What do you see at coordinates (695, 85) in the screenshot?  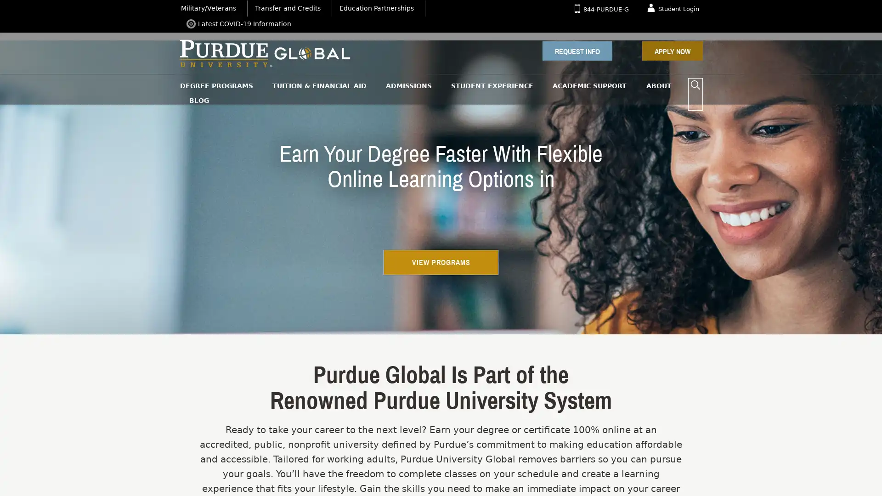 I see `Search` at bounding box center [695, 85].